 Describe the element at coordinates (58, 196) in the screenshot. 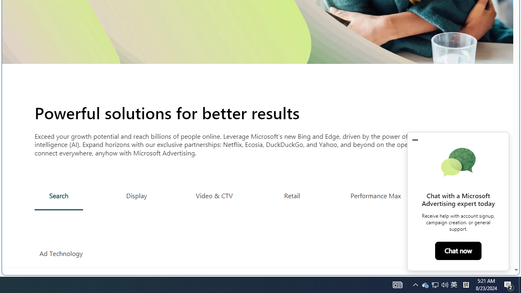

I see `'Search'` at that location.